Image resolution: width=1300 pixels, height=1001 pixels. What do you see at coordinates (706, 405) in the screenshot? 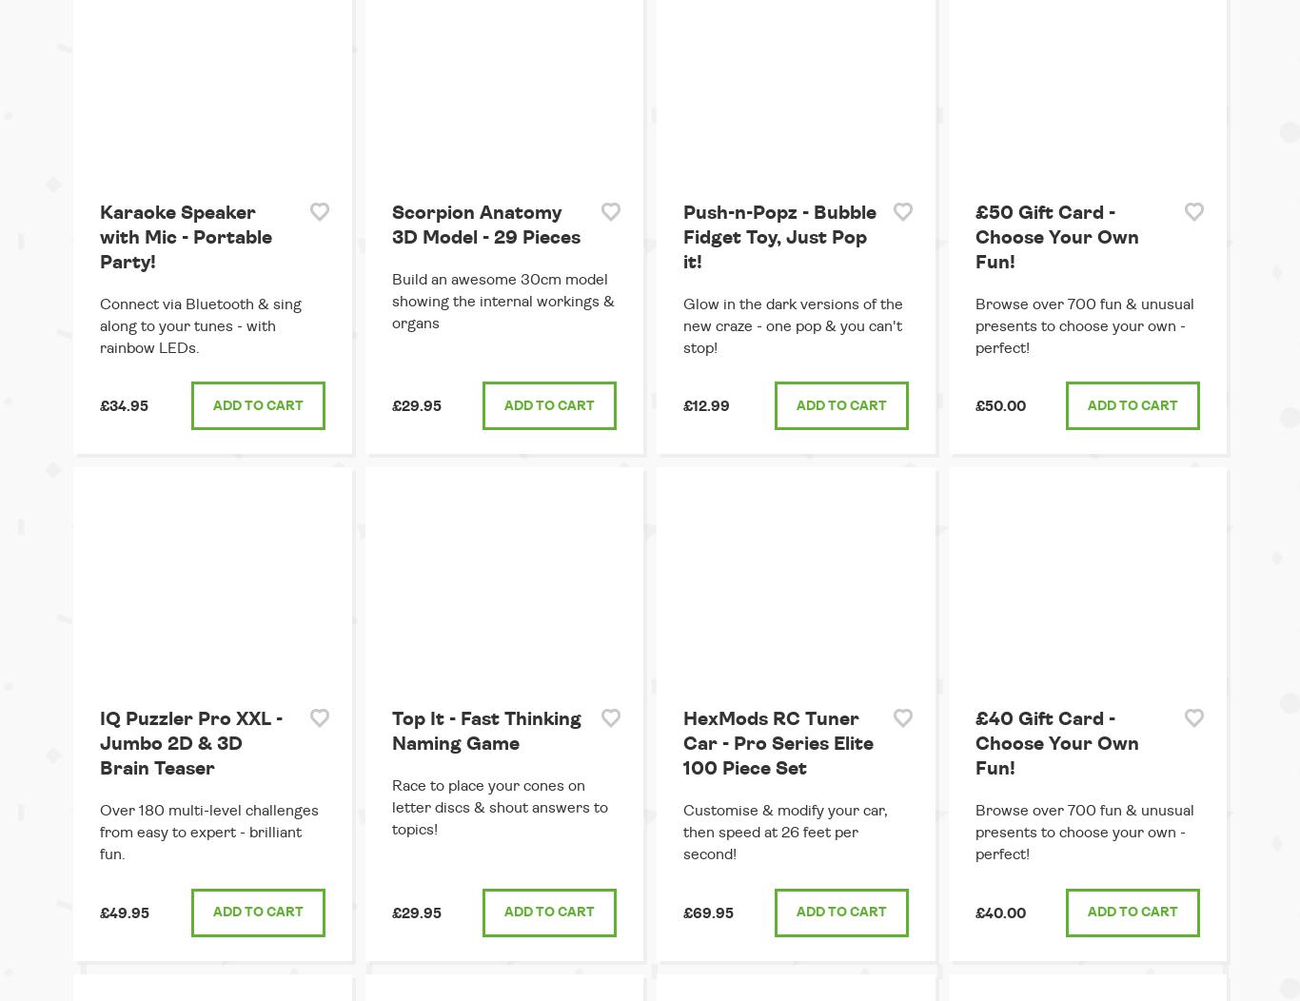
I see `'£12.99'` at bounding box center [706, 405].